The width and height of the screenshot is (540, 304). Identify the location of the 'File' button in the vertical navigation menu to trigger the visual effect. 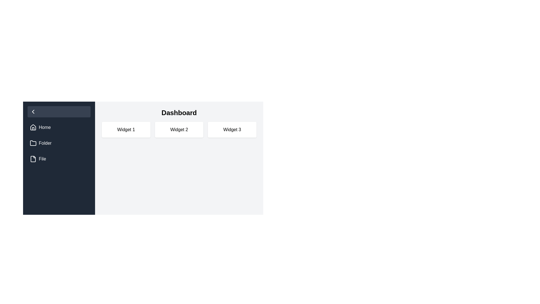
(59, 159).